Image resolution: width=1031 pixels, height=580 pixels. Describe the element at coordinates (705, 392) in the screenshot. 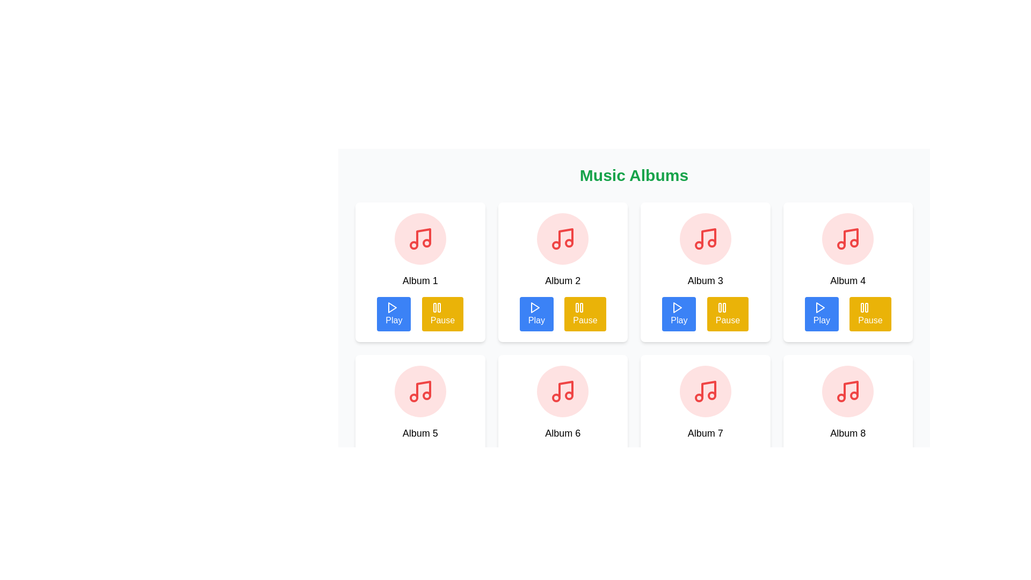

I see `the music album icon representing 'Album 7', located in the second row and third column of the album grid` at that location.